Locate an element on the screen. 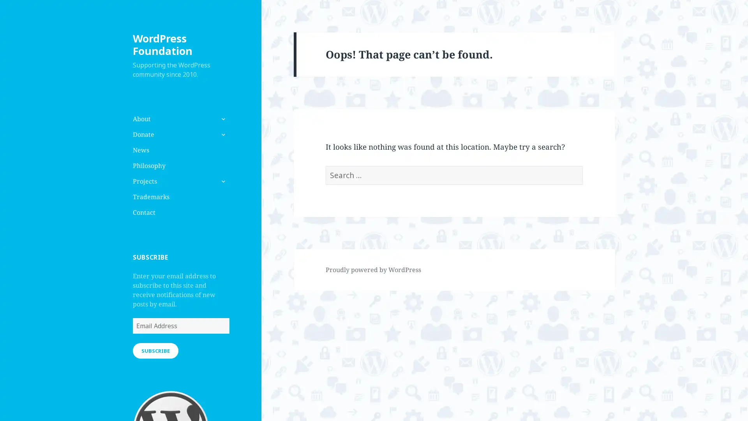  expand child menu is located at coordinates (222, 119).